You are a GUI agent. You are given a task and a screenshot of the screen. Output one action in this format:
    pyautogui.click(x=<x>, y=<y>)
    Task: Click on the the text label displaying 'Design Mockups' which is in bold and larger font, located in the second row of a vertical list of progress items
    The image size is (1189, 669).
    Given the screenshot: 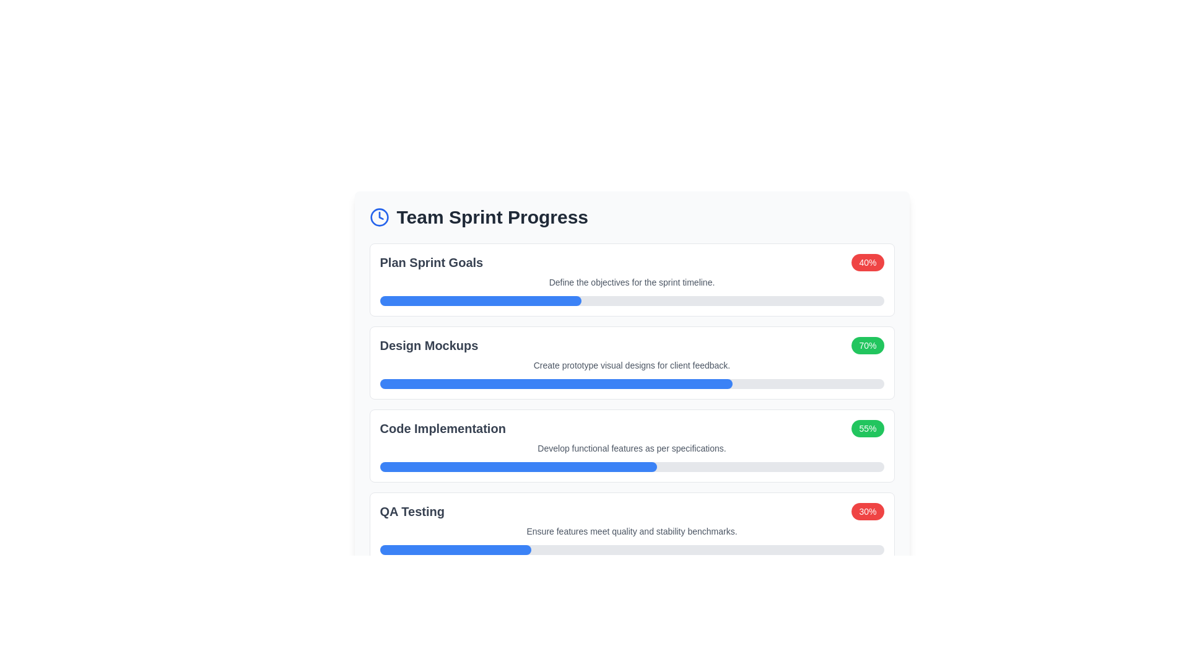 What is the action you would take?
    pyautogui.click(x=429, y=346)
    